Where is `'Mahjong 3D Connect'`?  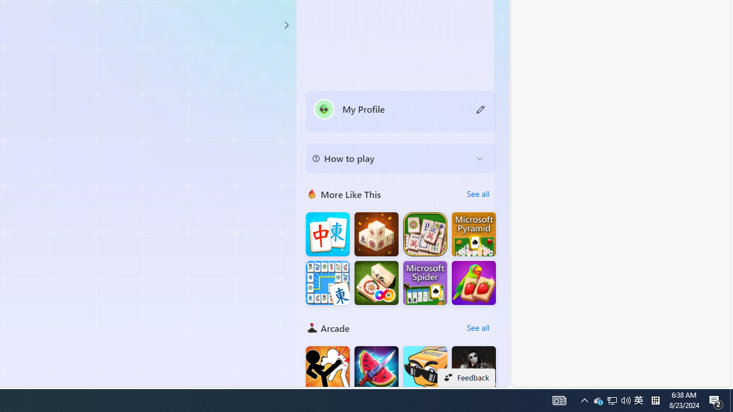
'Mahjong 3D Connect' is located at coordinates (376, 233).